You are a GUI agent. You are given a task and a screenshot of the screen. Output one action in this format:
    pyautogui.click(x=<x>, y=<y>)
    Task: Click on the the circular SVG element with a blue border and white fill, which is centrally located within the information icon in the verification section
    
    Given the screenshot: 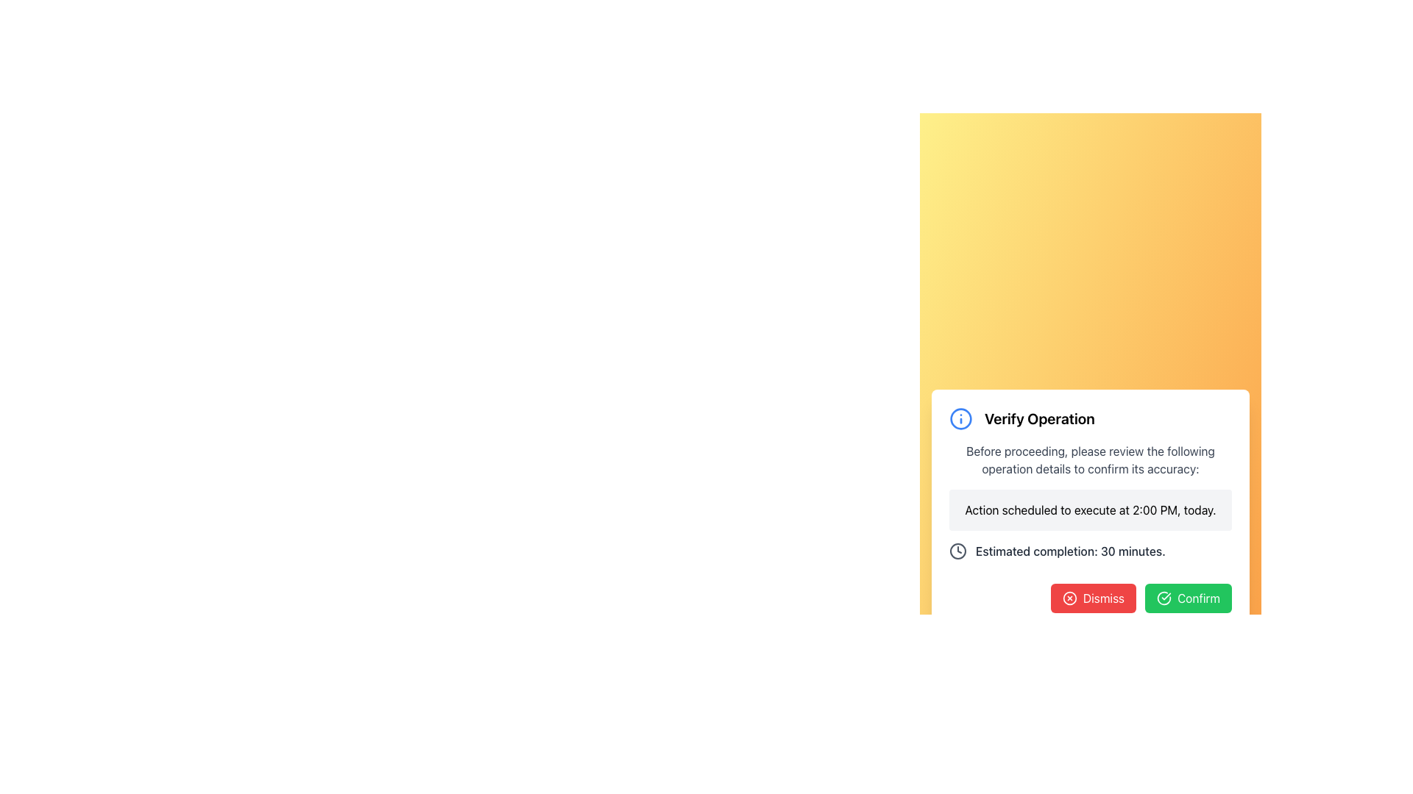 What is the action you would take?
    pyautogui.click(x=960, y=419)
    